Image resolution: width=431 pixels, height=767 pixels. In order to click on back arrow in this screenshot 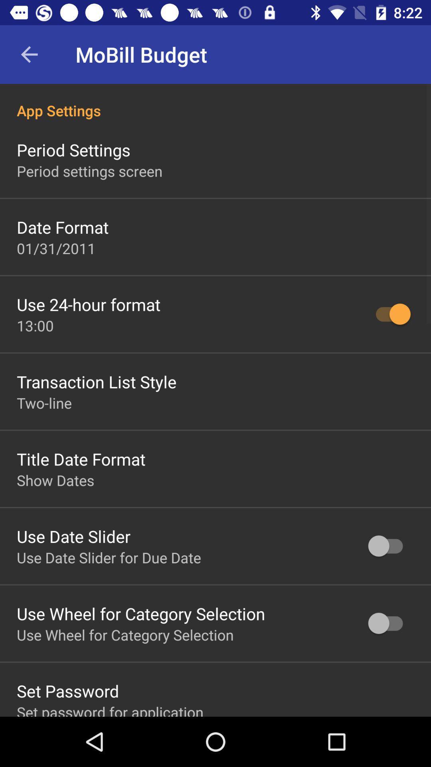, I will do `click(29, 54)`.